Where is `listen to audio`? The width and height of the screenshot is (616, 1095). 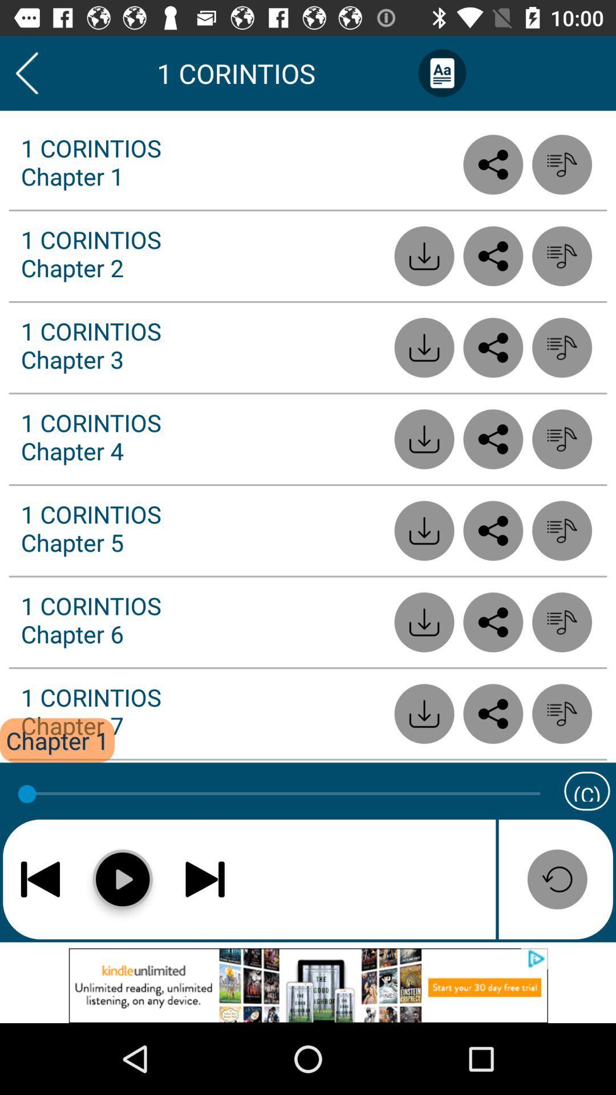 listen to audio is located at coordinates (561, 622).